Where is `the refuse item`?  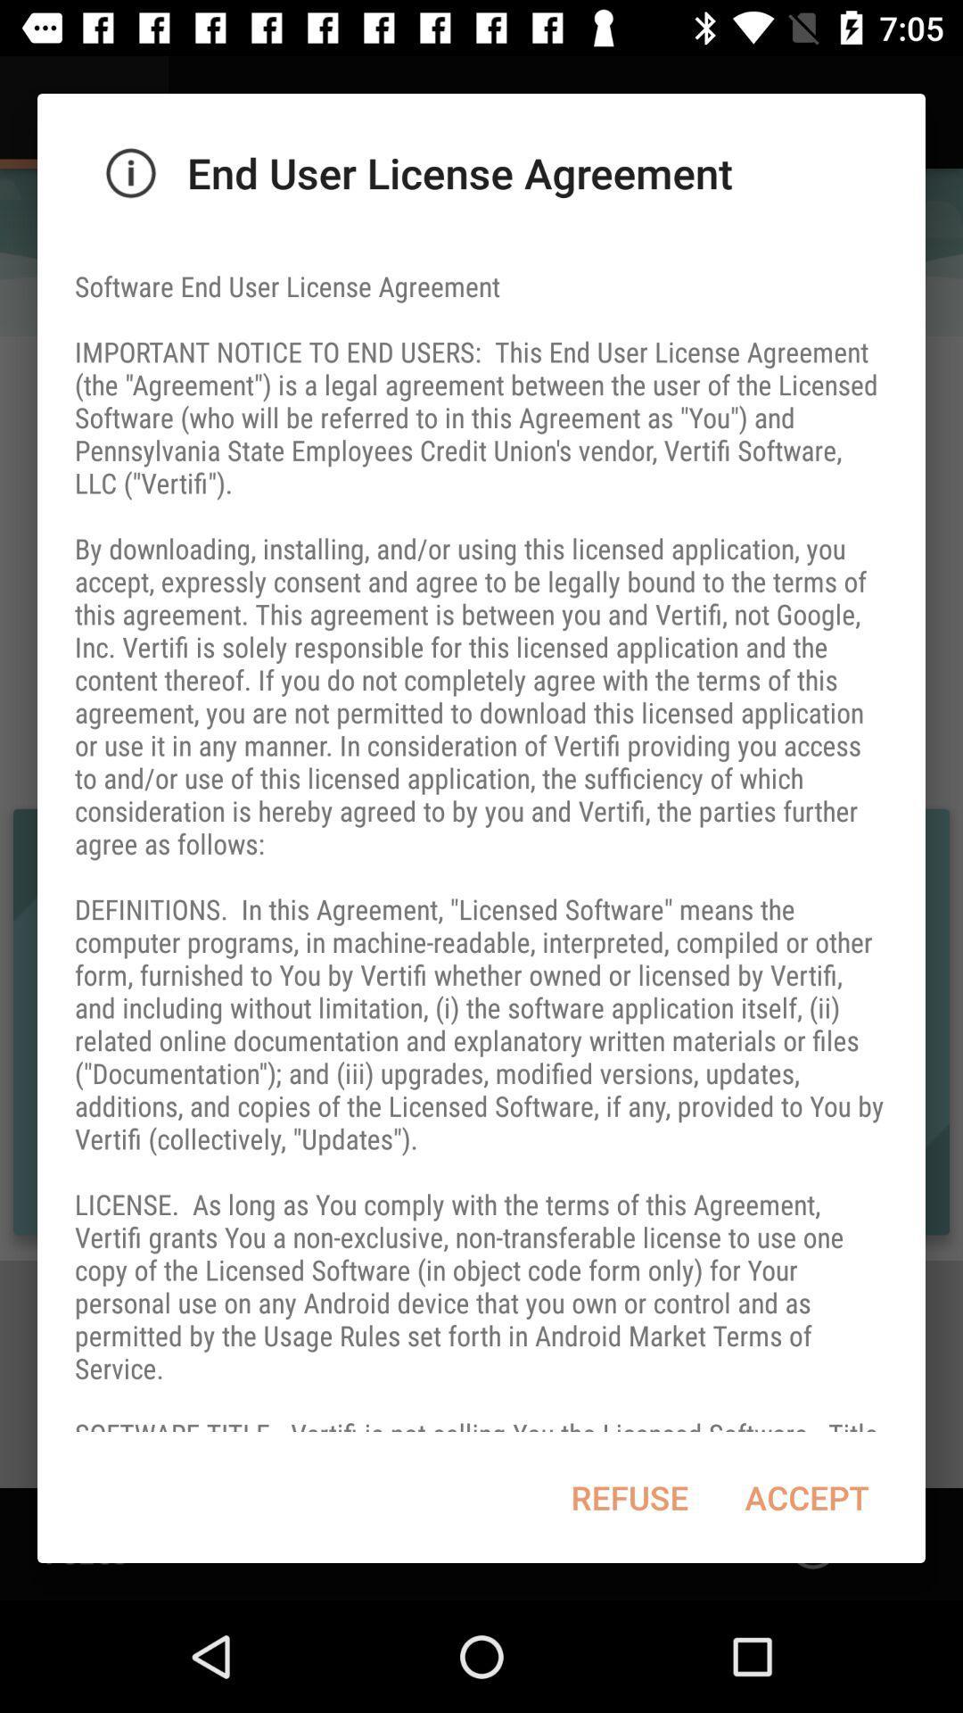 the refuse item is located at coordinates (629, 1497).